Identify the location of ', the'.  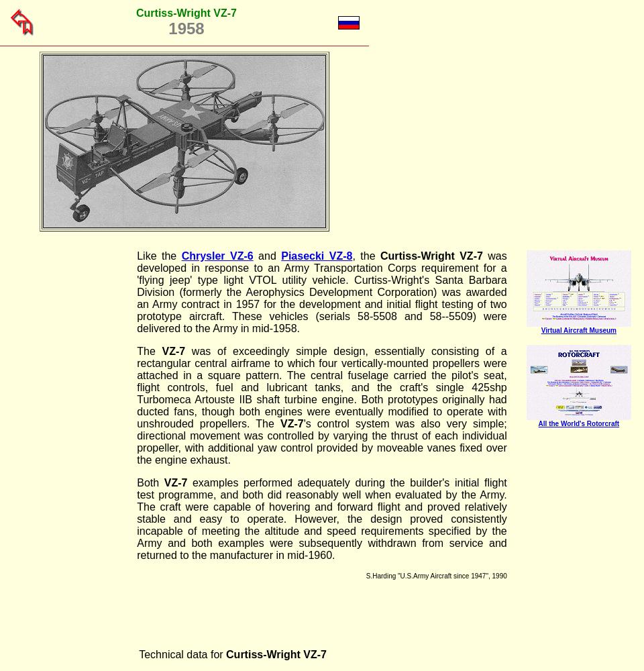
(366, 256).